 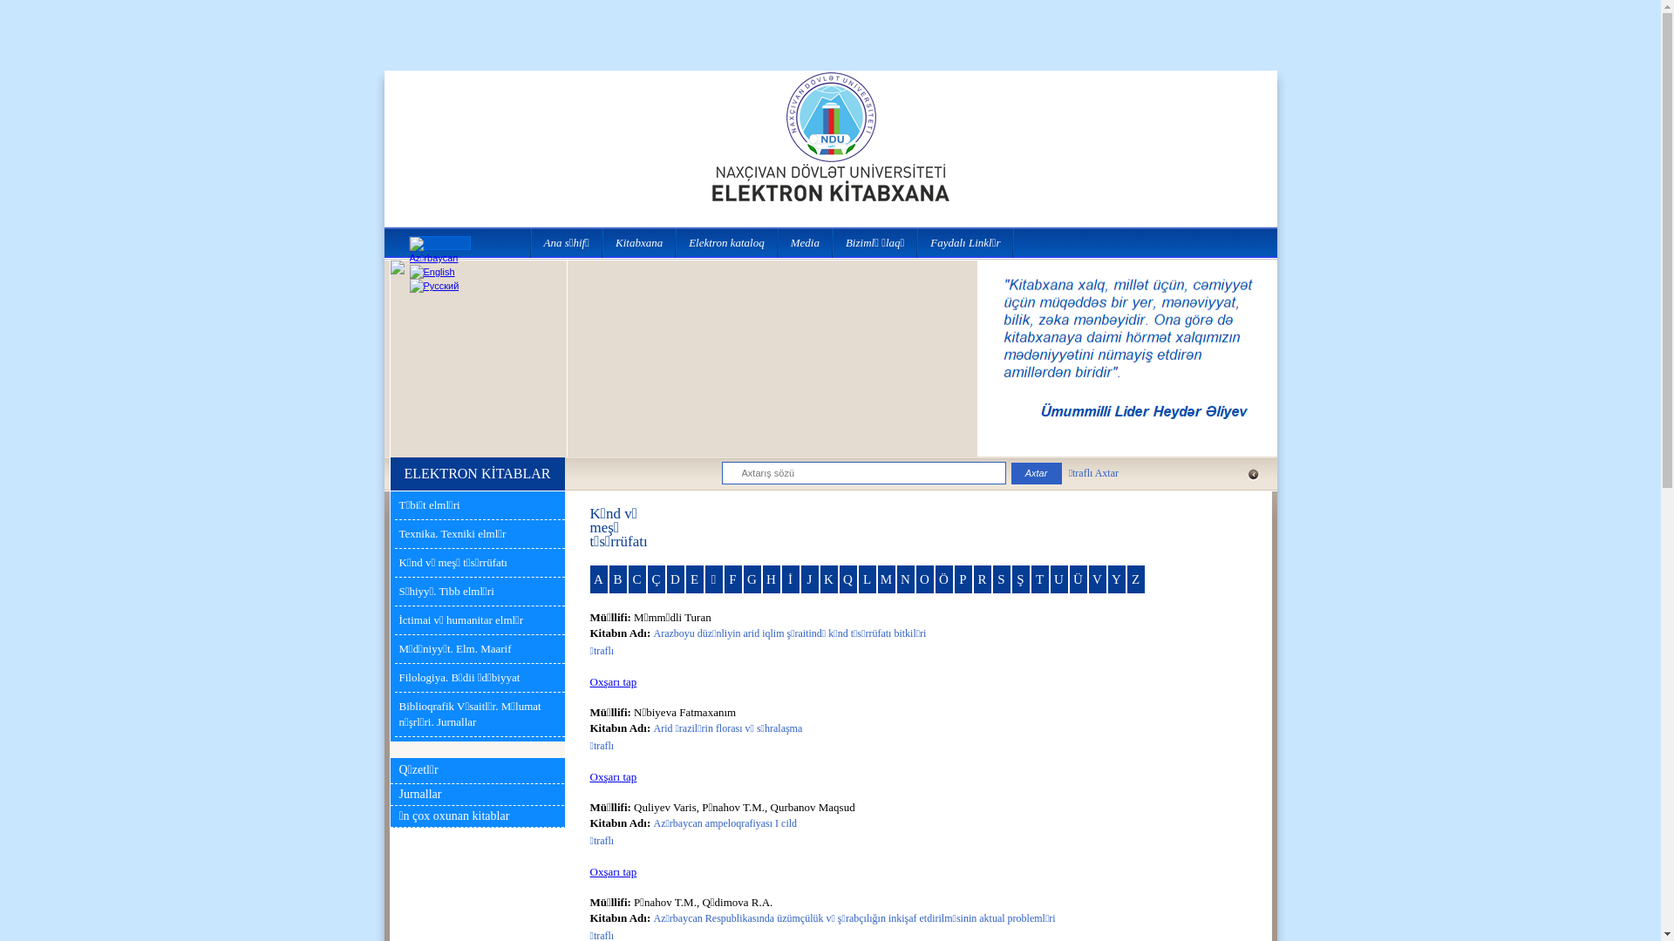 What do you see at coordinates (1037, 472) in the screenshot?
I see `'Axtar'` at bounding box center [1037, 472].